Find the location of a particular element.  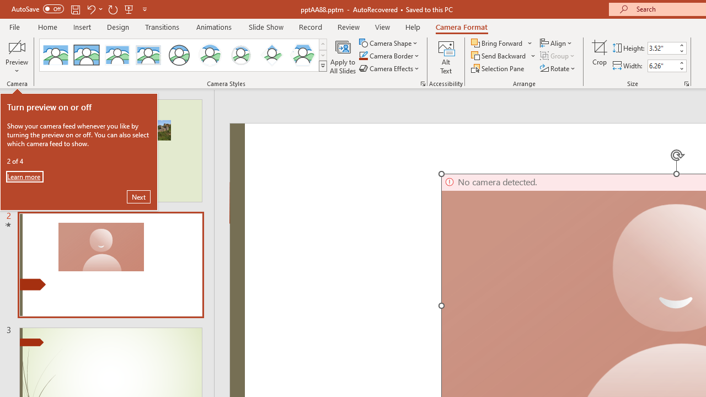

'Simple Frame Rectangle' is located at coordinates (86, 55).